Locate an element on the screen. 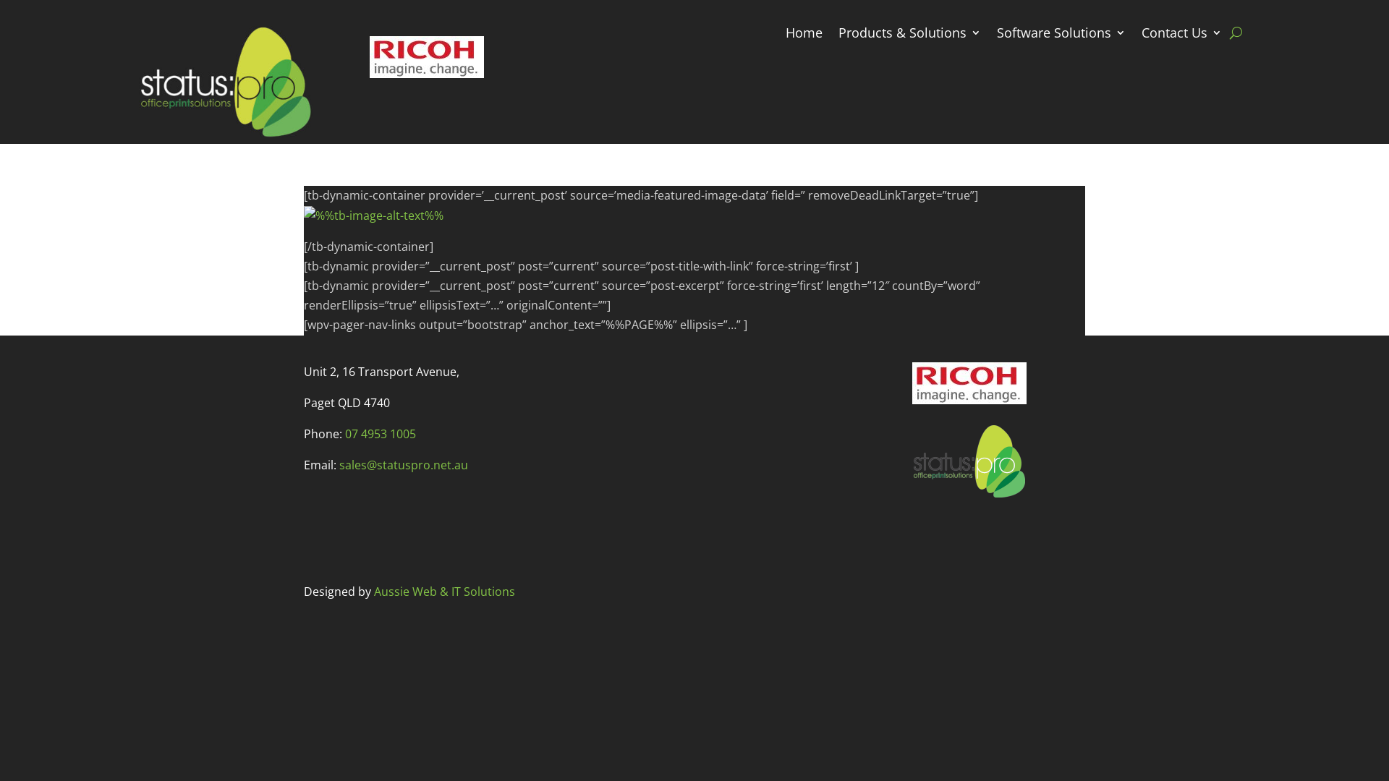  'sales@statuspro.net.au' is located at coordinates (339, 465).